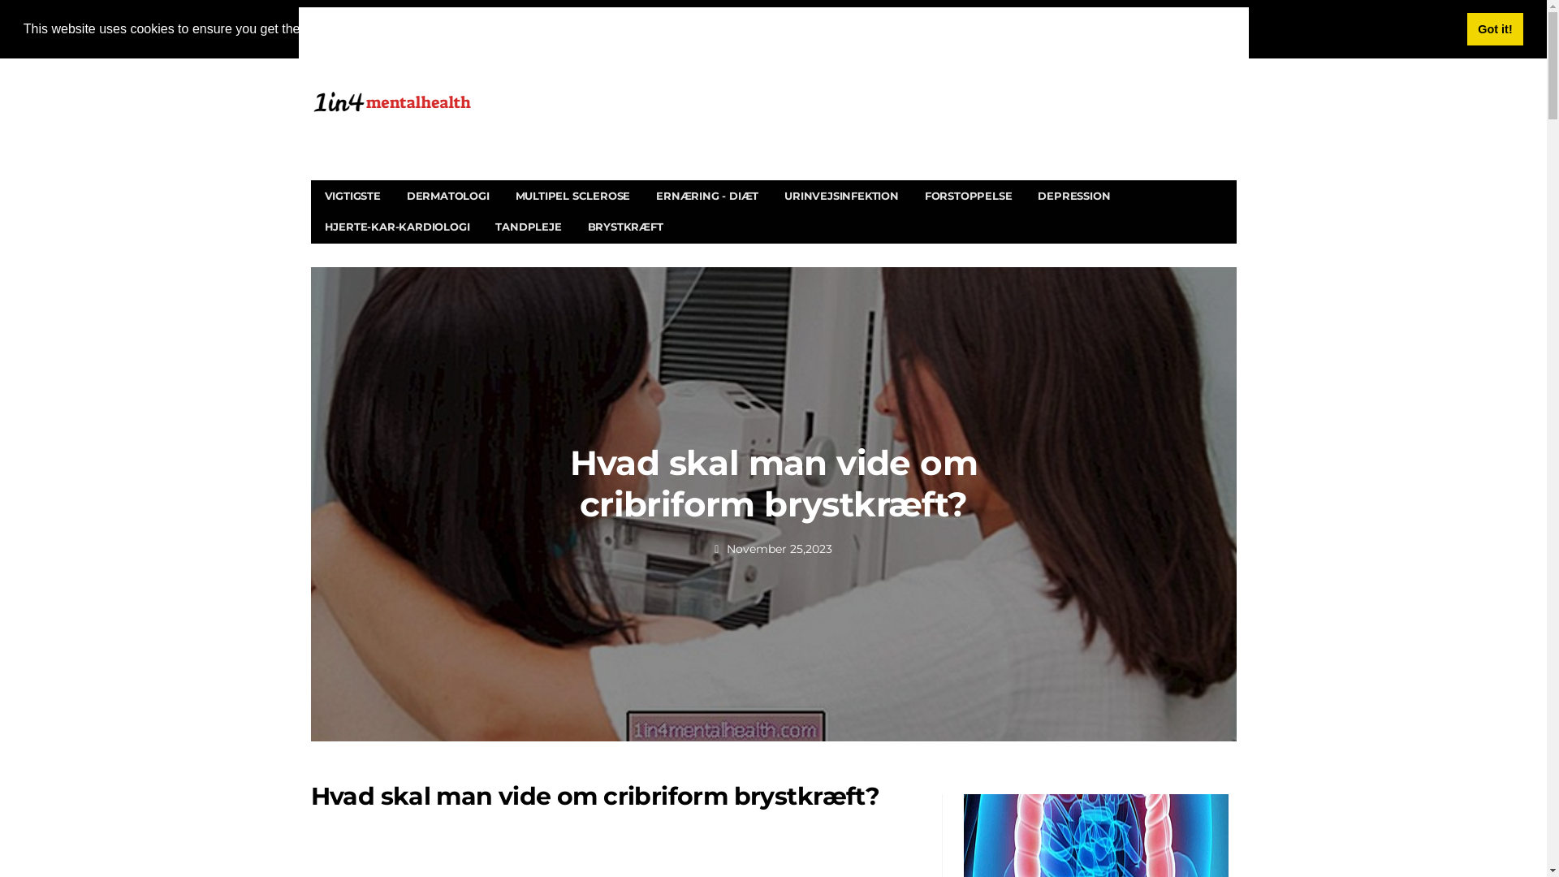 This screenshot has width=1559, height=877. What do you see at coordinates (1466, 28) in the screenshot?
I see `'Got it!'` at bounding box center [1466, 28].